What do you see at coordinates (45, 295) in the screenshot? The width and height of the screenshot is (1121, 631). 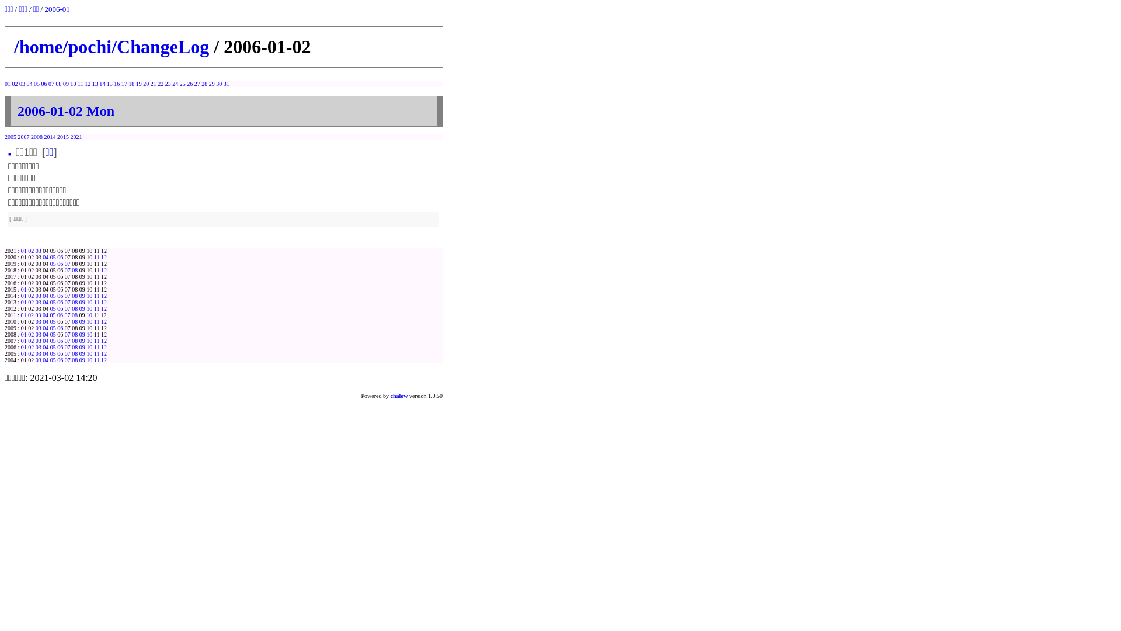 I see `'04'` at bounding box center [45, 295].